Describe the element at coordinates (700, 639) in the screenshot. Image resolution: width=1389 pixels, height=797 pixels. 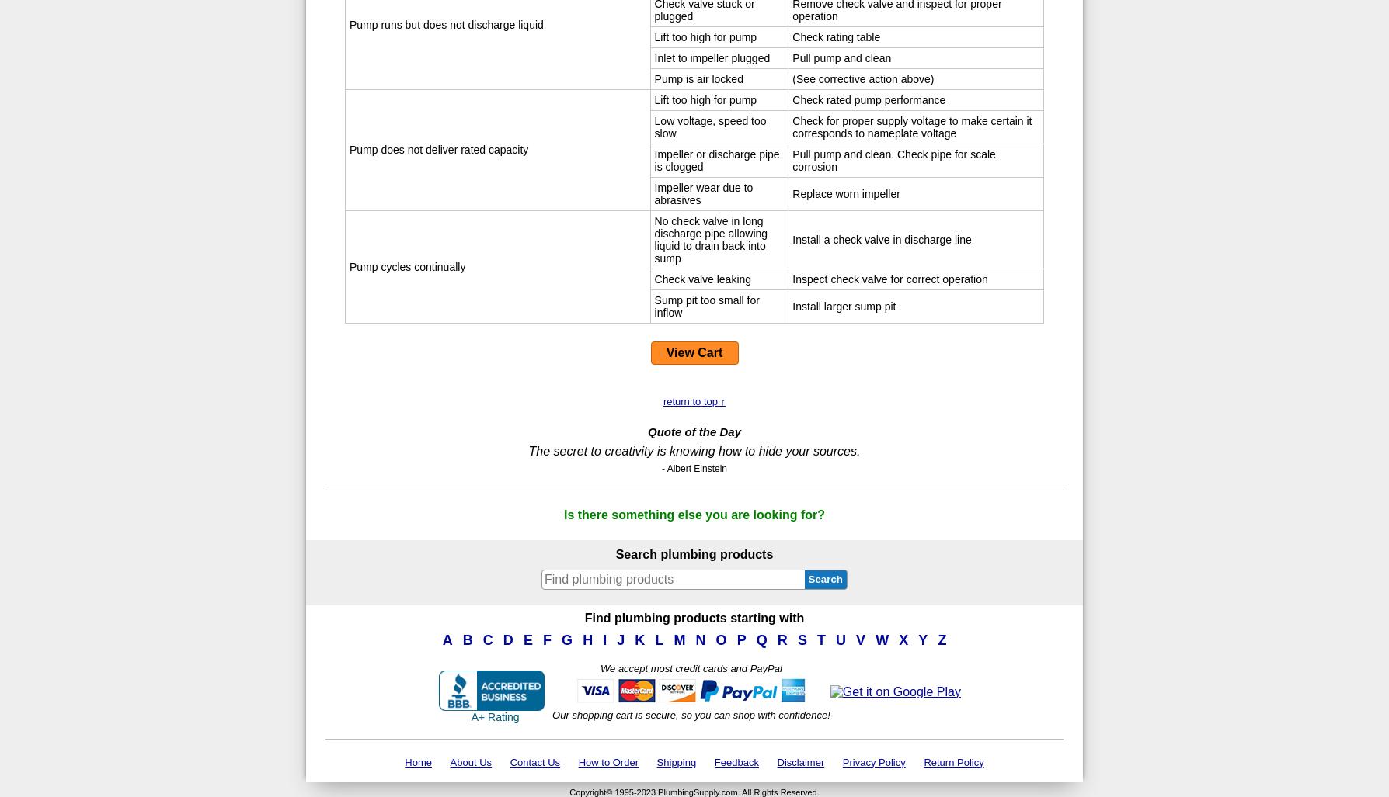
I see `'N'` at that location.